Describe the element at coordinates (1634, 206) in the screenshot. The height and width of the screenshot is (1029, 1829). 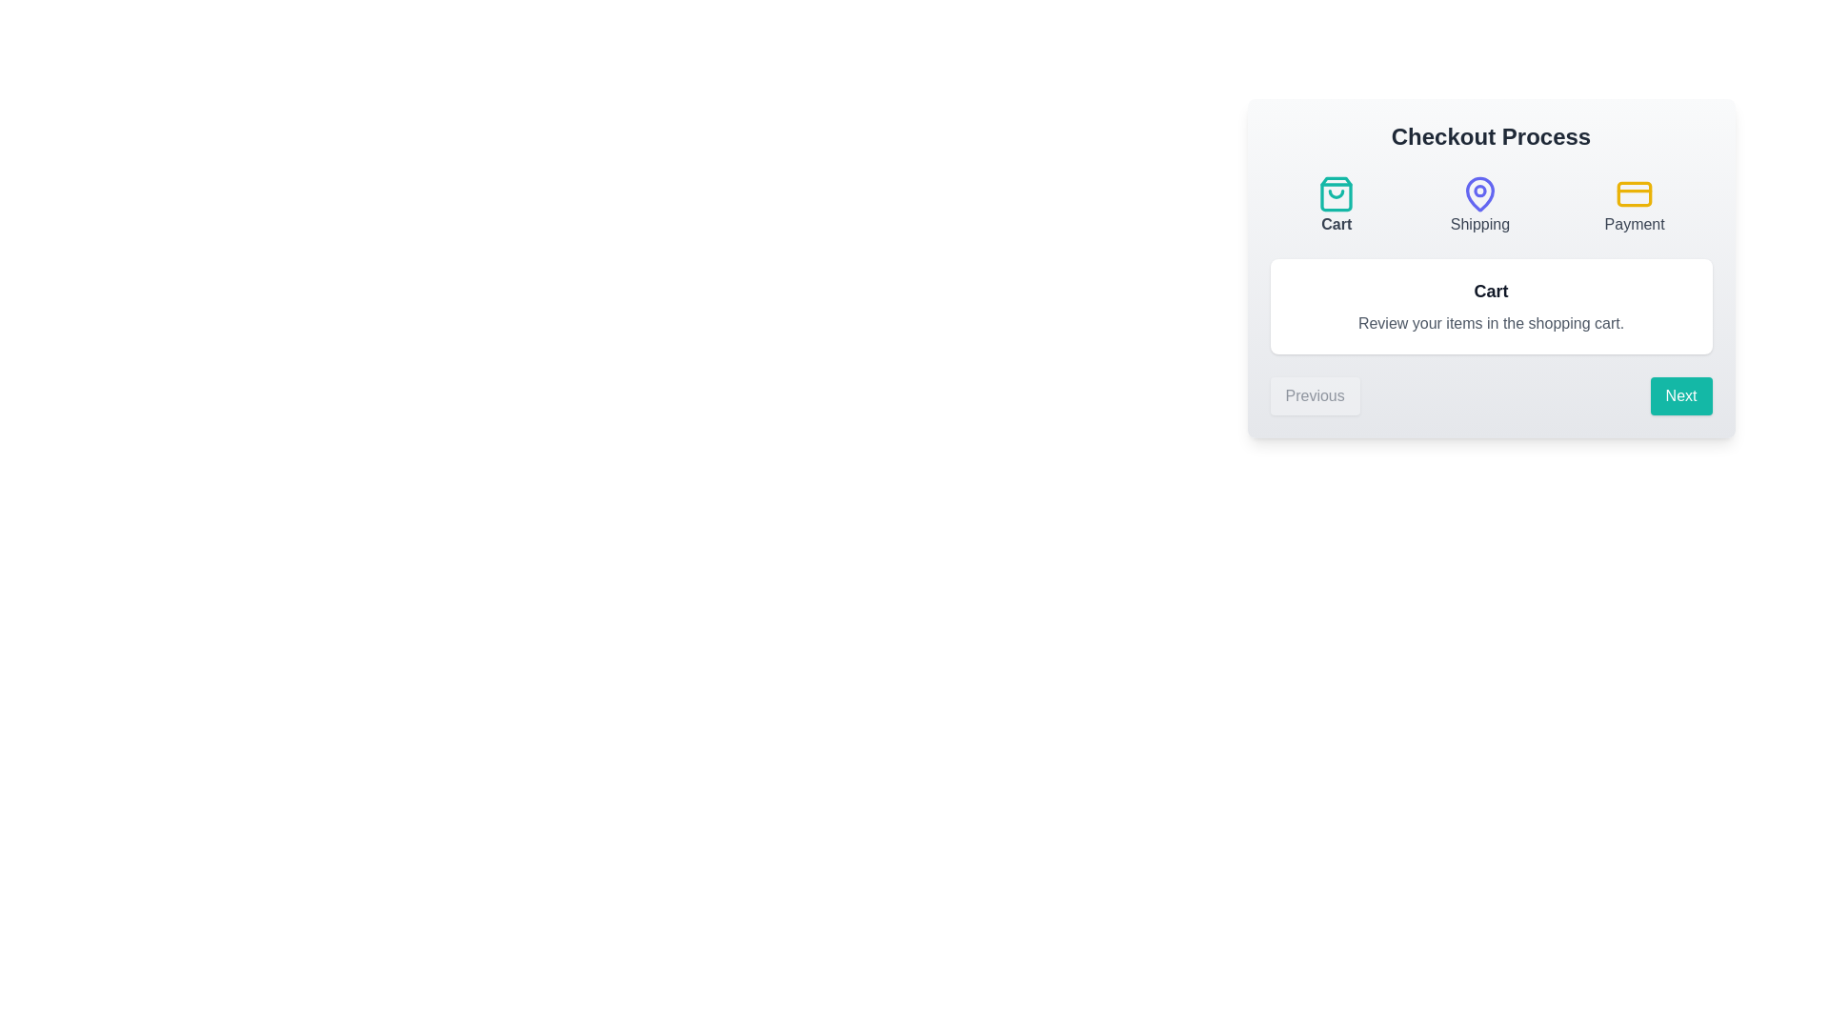
I see `the step icon for Payment to inspect its color and style` at that location.